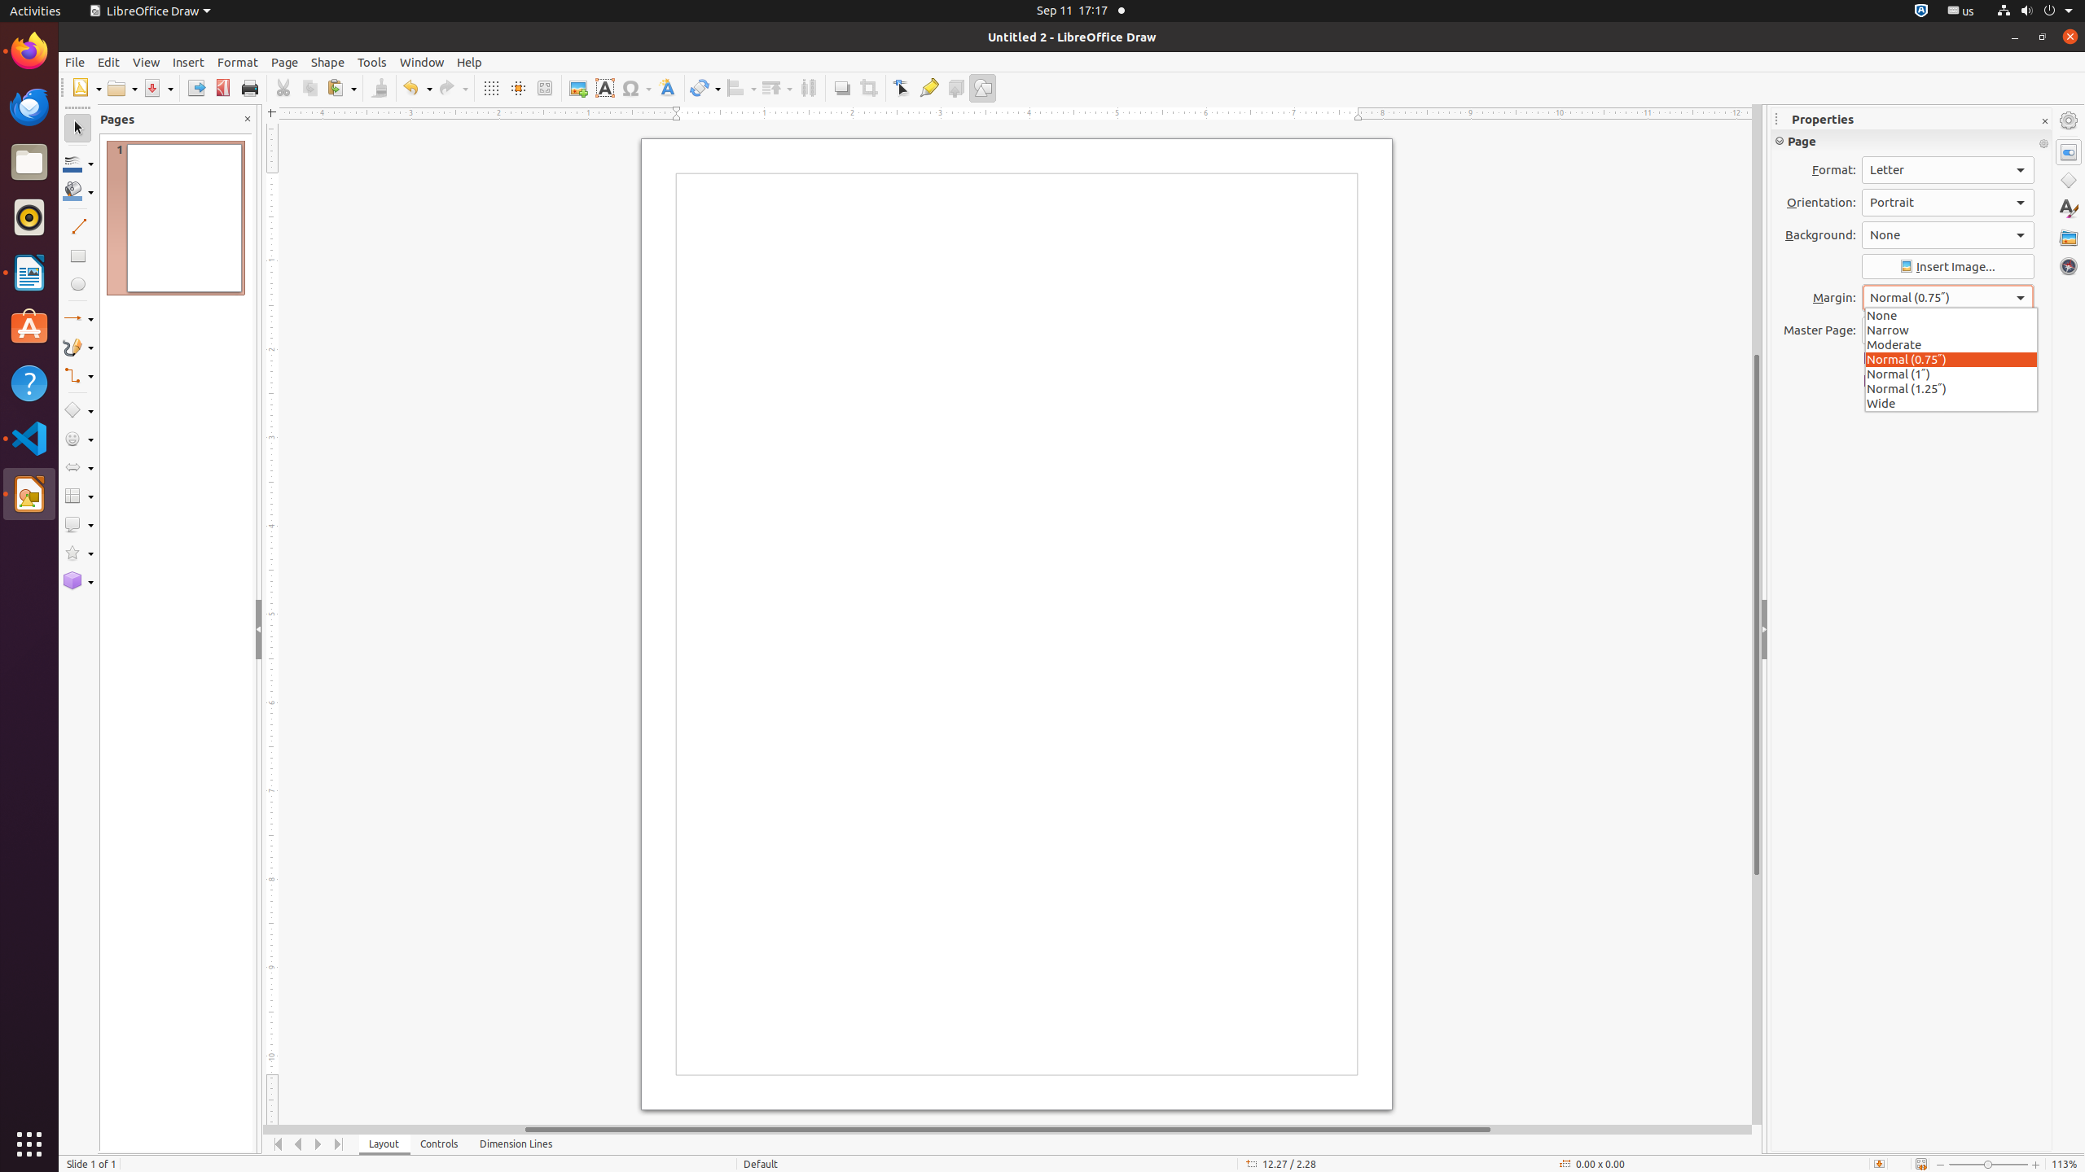 This screenshot has height=1172, width=2085. What do you see at coordinates (318, 1144) in the screenshot?
I see `'Move Right'` at bounding box center [318, 1144].